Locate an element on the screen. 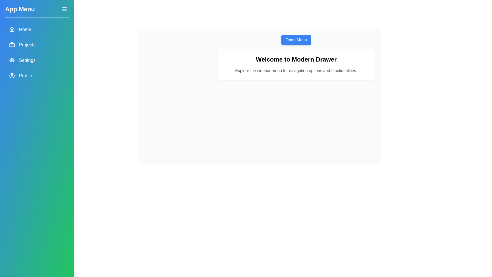 The image size is (492, 277). the menu button to toggle the drawer visibility is located at coordinates (64, 9).